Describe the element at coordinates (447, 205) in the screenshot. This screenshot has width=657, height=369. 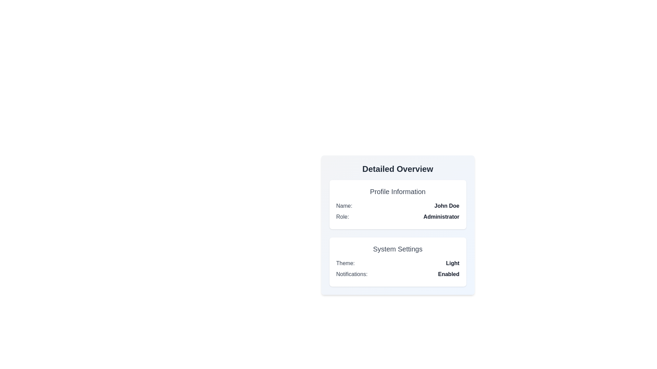
I see `the Text Label that displays the user's name in the Profile Information section, positioned to the right of the label 'Name:' and vertically aligned in the middle` at that location.